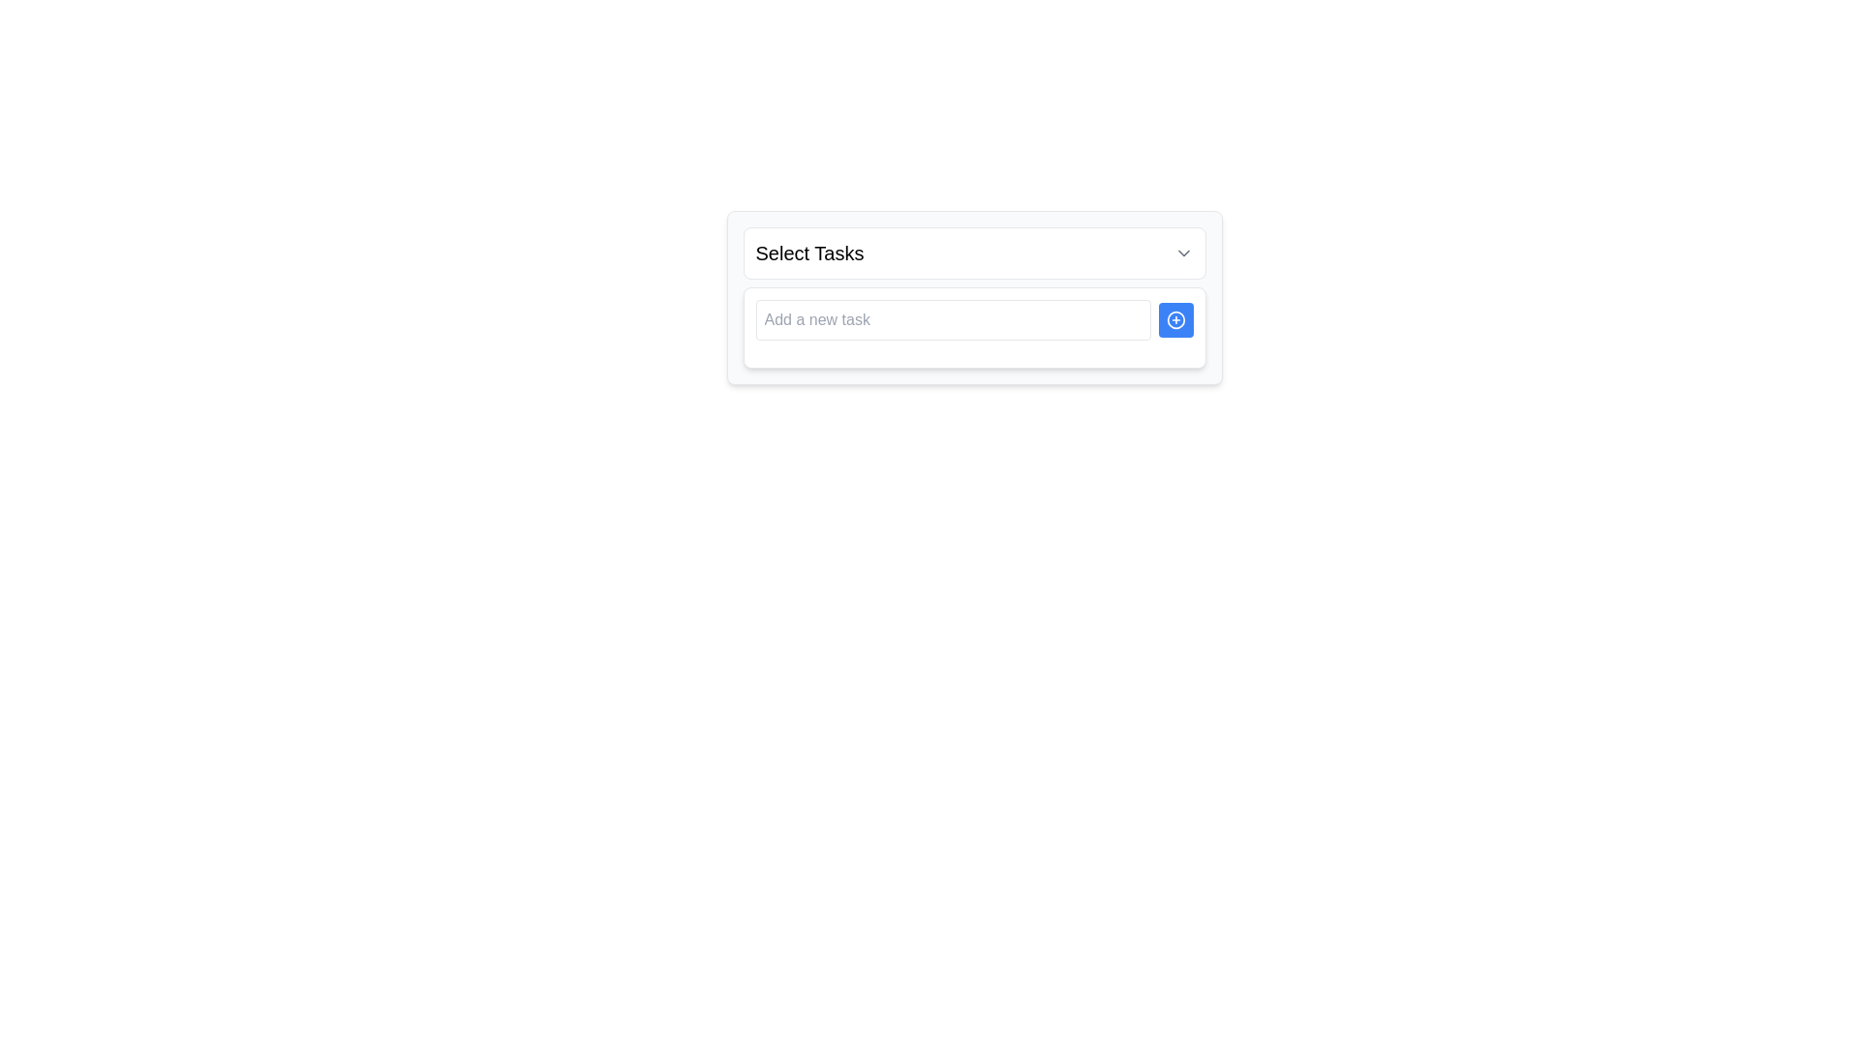 The image size is (1859, 1045). I want to click on the action button intended for adding a new task or item, so click(1174, 319).